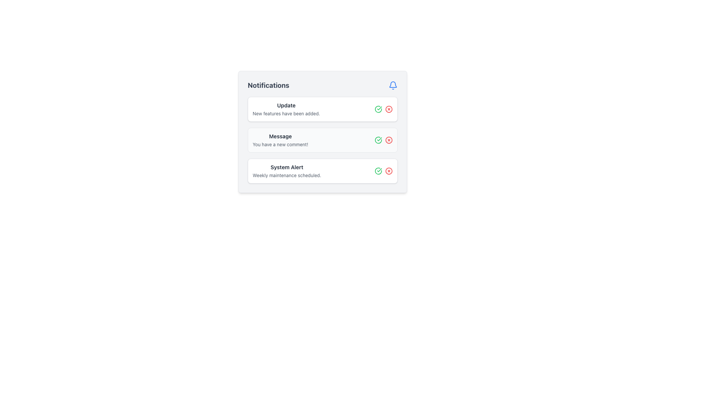  What do you see at coordinates (392, 84) in the screenshot?
I see `the lower semi-circular portion of the bell icon located at the top-right corner of the notification panel, which indicates an active alert or notification` at bounding box center [392, 84].